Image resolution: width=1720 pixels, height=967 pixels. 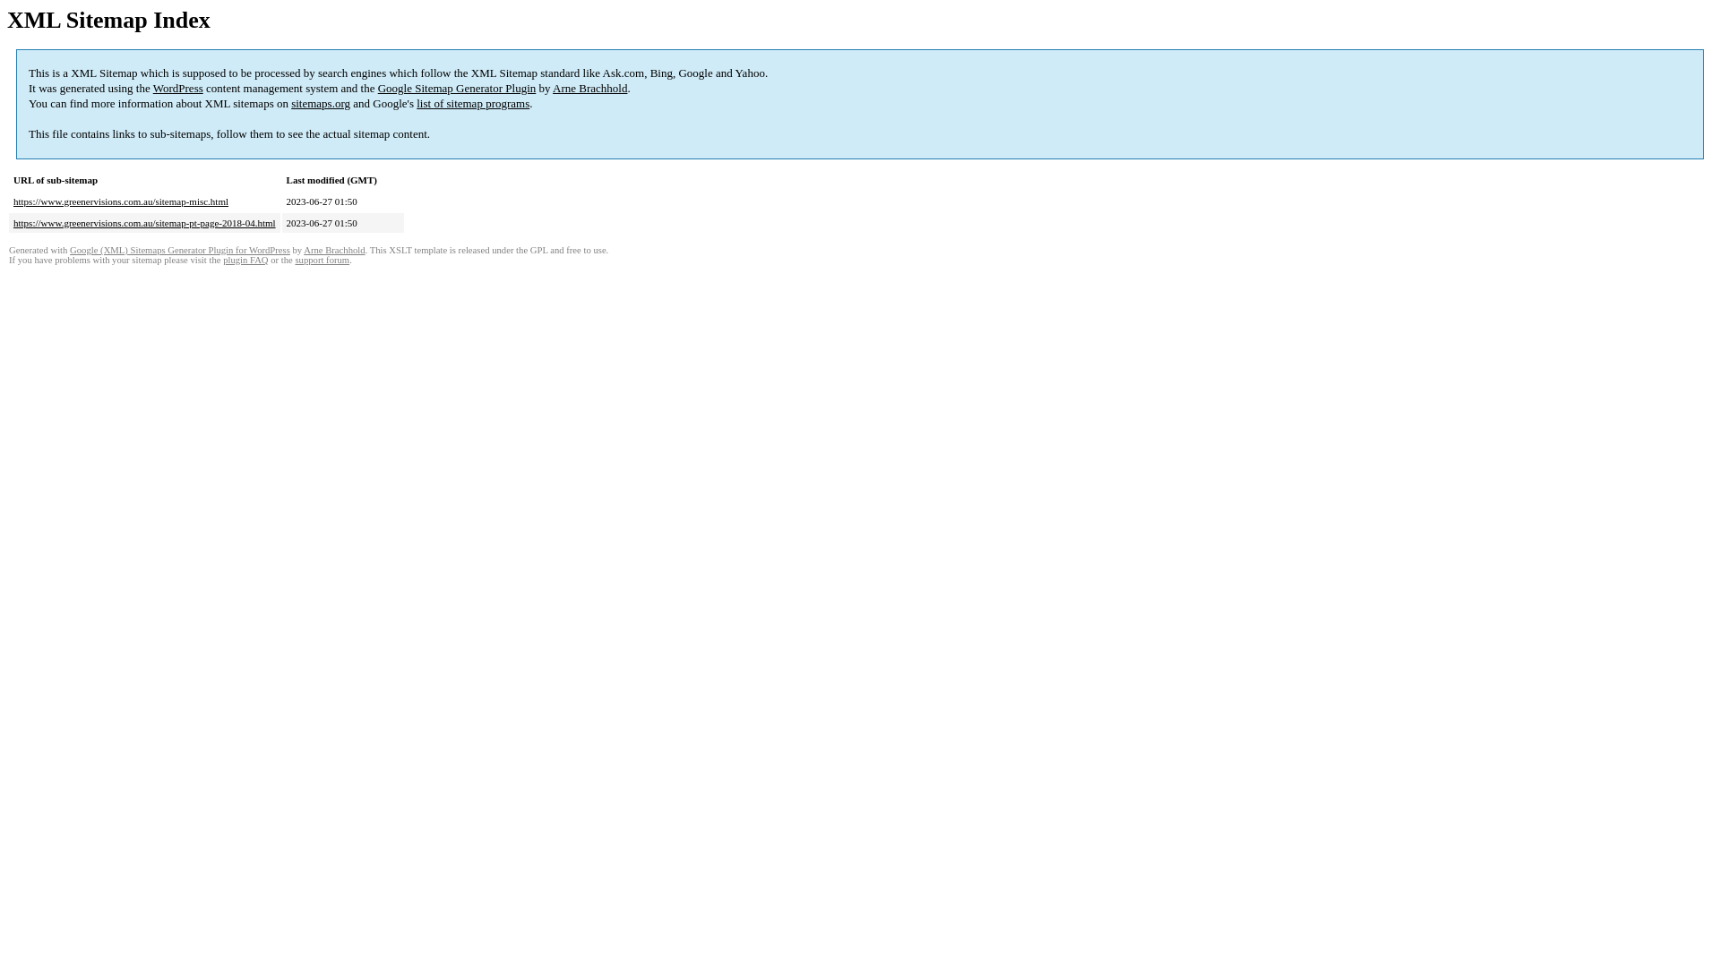 I want to click on 'Google (XML) Sitemaps Generator Plugin for WordPress', so click(x=180, y=250).